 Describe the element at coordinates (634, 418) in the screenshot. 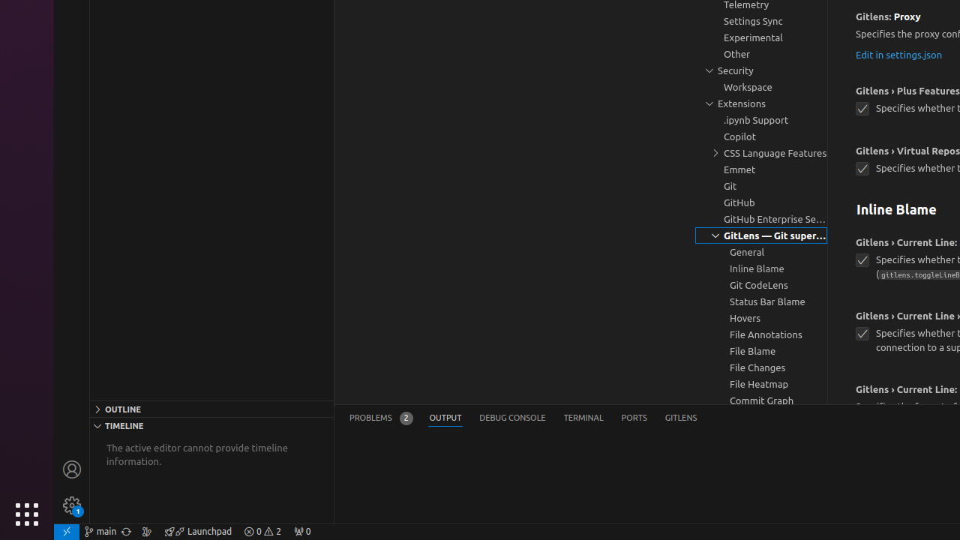

I see `'Ports'` at that location.